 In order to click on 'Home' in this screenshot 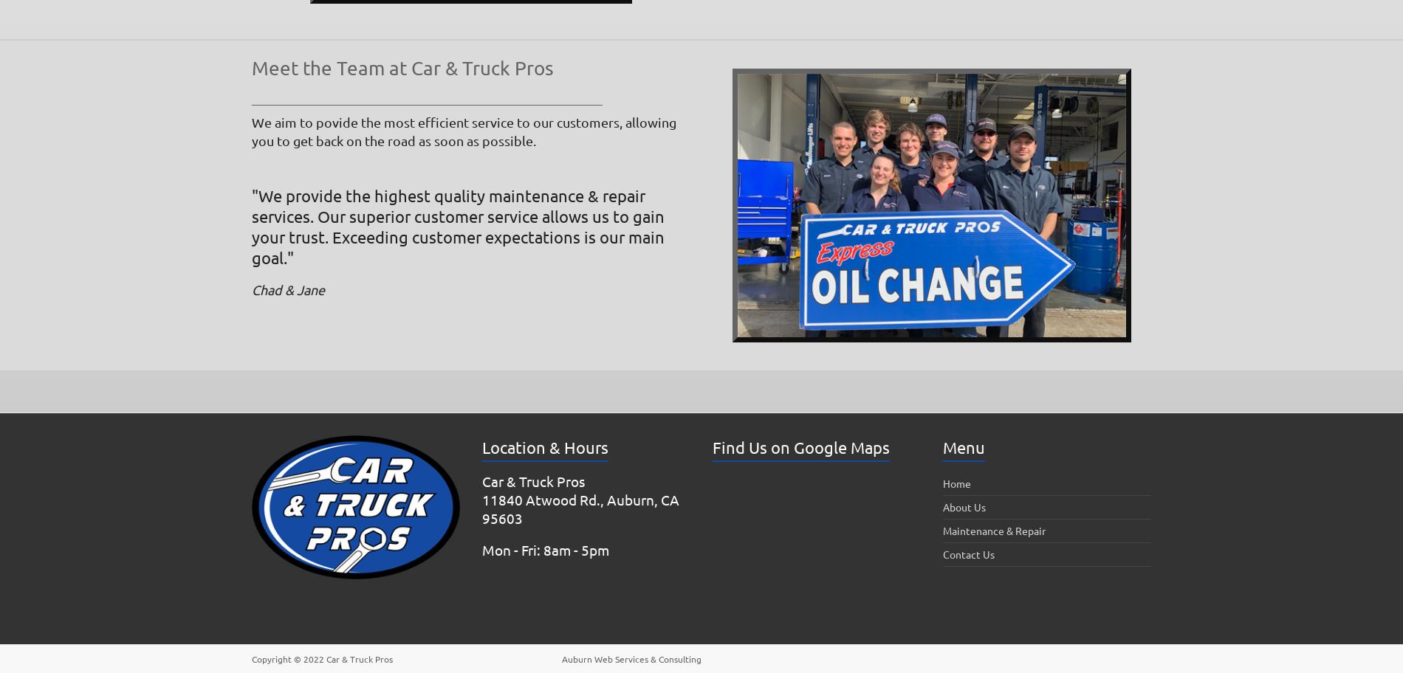, I will do `click(956, 482)`.